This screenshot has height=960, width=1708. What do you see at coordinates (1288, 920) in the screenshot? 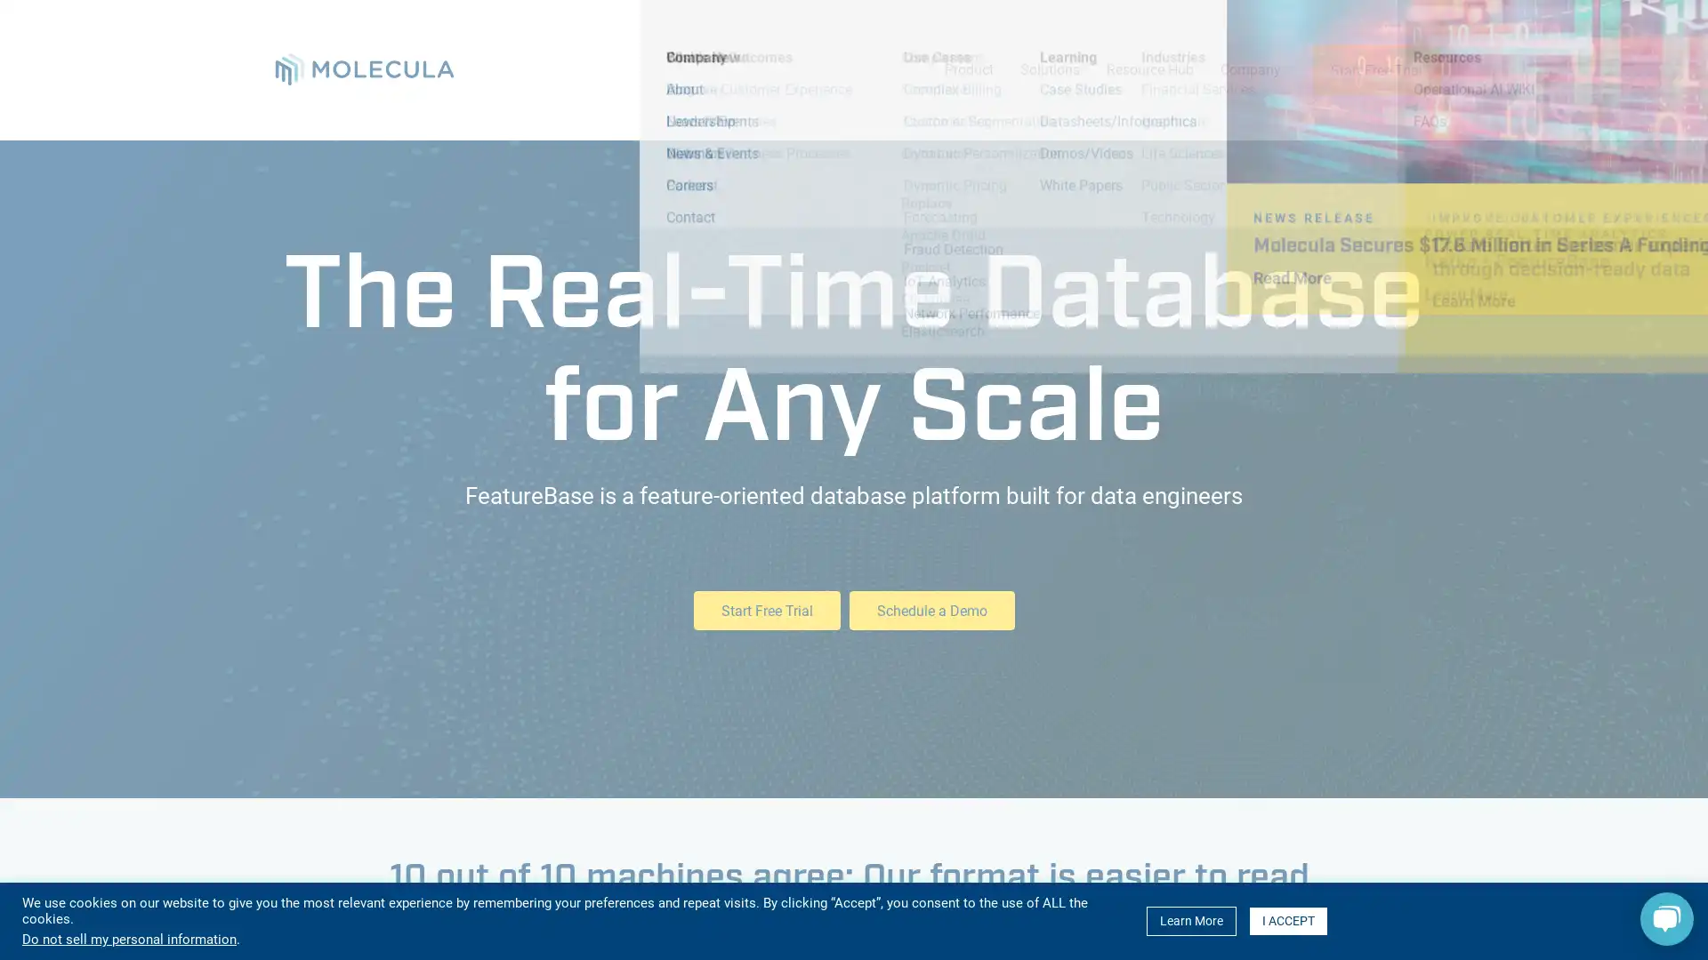
I see `I ACCEPT` at bounding box center [1288, 920].